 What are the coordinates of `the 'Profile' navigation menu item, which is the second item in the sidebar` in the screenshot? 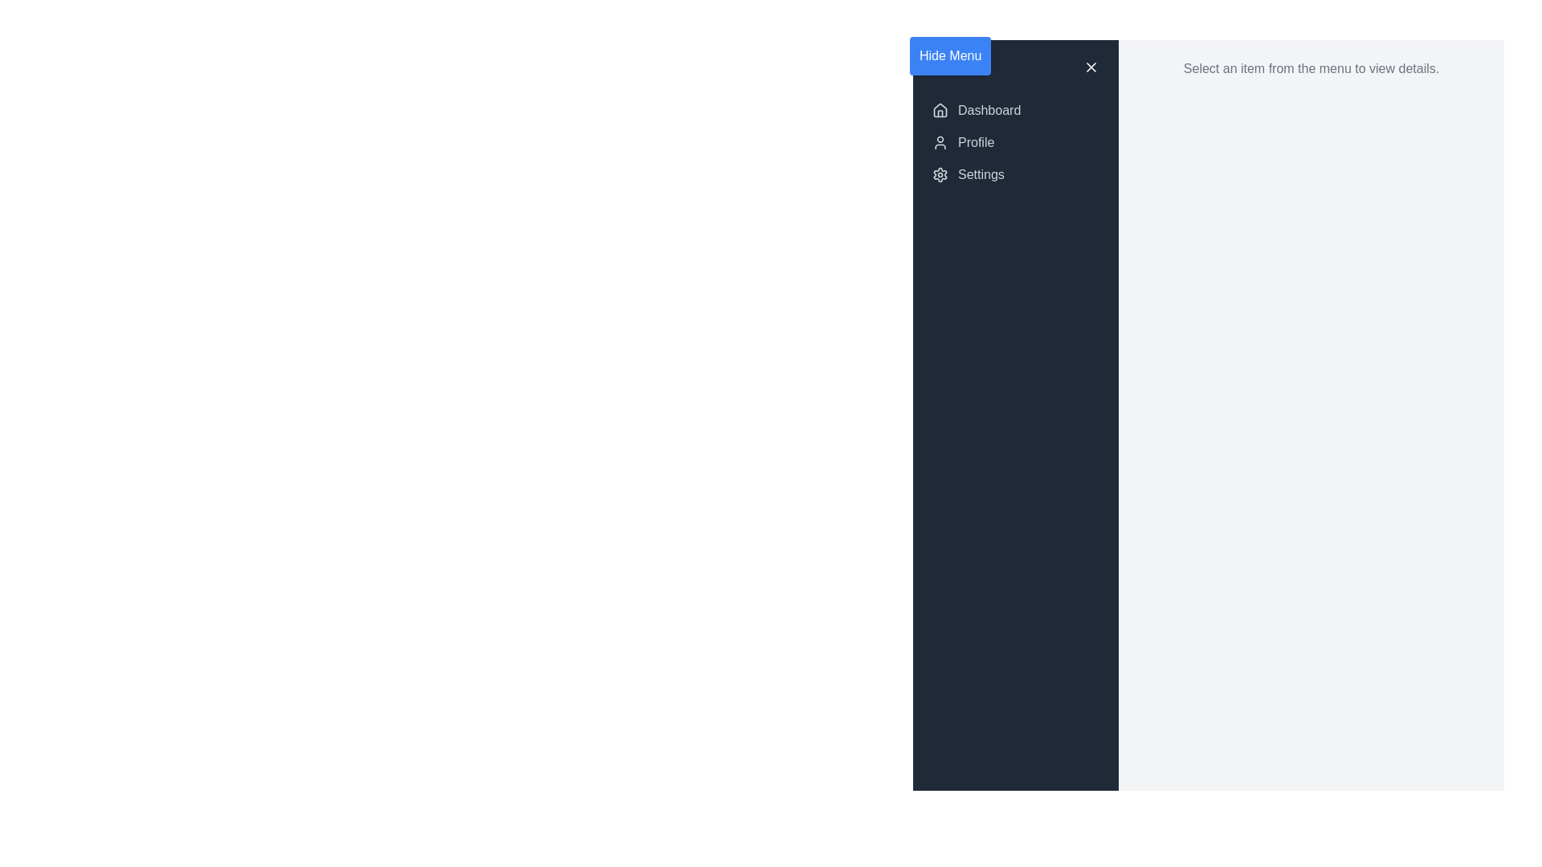 It's located at (1015, 141).